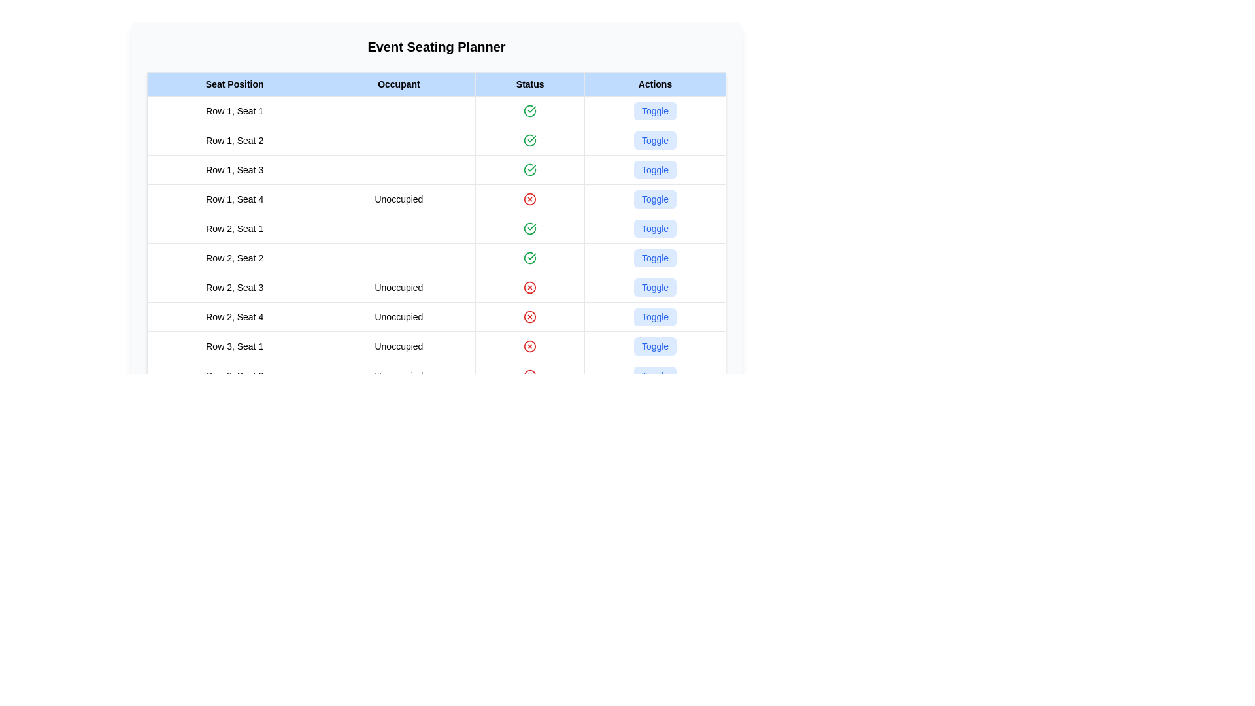 This screenshot has height=706, width=1255. What do you see at coordinates (655, 169) in the screenshot?
I see `the 'Toggle' button with rounded edges located in the 'Actions' column of the grid, specifically in the third row labeled 'Row 1, Seat 3'` at bounding box center [655, 169].